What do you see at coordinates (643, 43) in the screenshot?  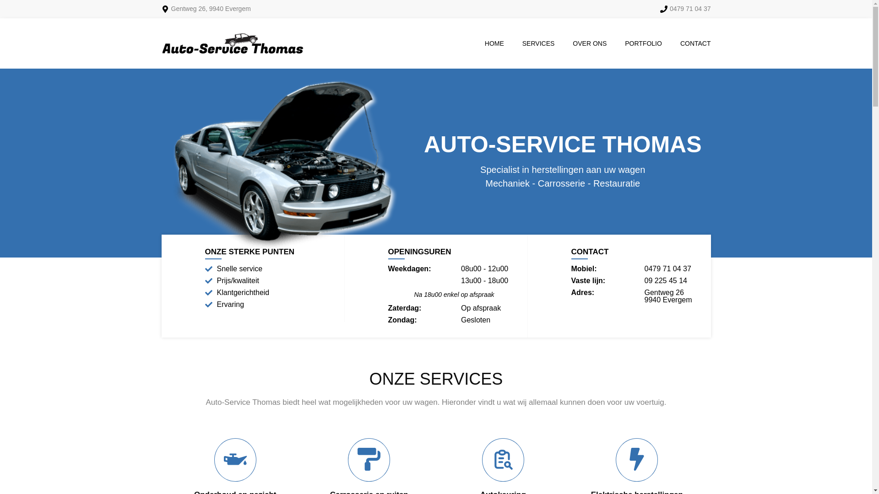 I see `'PORTFOLIO'` at bounding box center [643, 43].